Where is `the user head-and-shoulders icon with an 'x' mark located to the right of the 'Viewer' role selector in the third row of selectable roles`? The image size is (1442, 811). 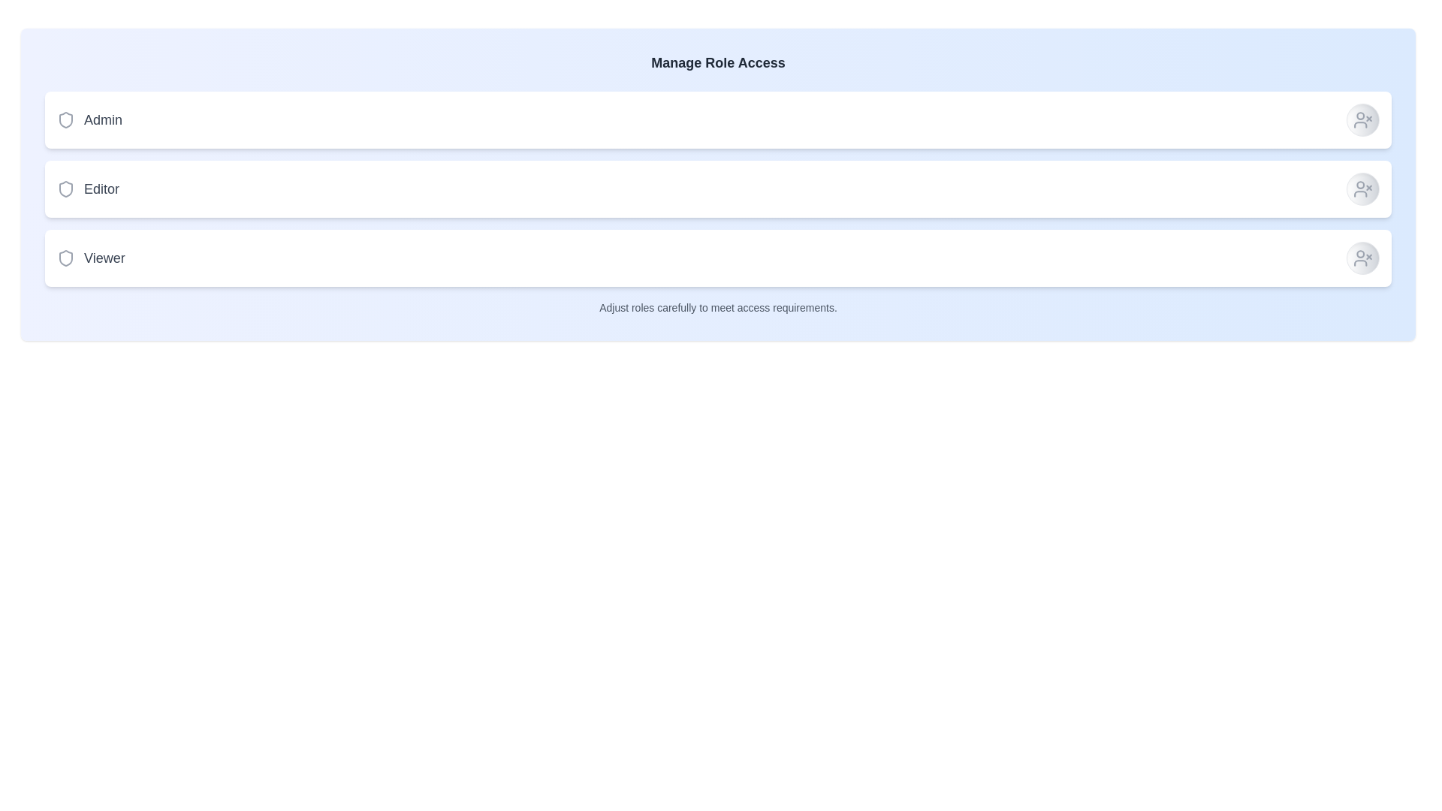
the user head-and-shoulders icon with an 'x' mark located to the right of the 'Viewer' role selector in the third row of selectable roles is located at coordinates (1360, 193).